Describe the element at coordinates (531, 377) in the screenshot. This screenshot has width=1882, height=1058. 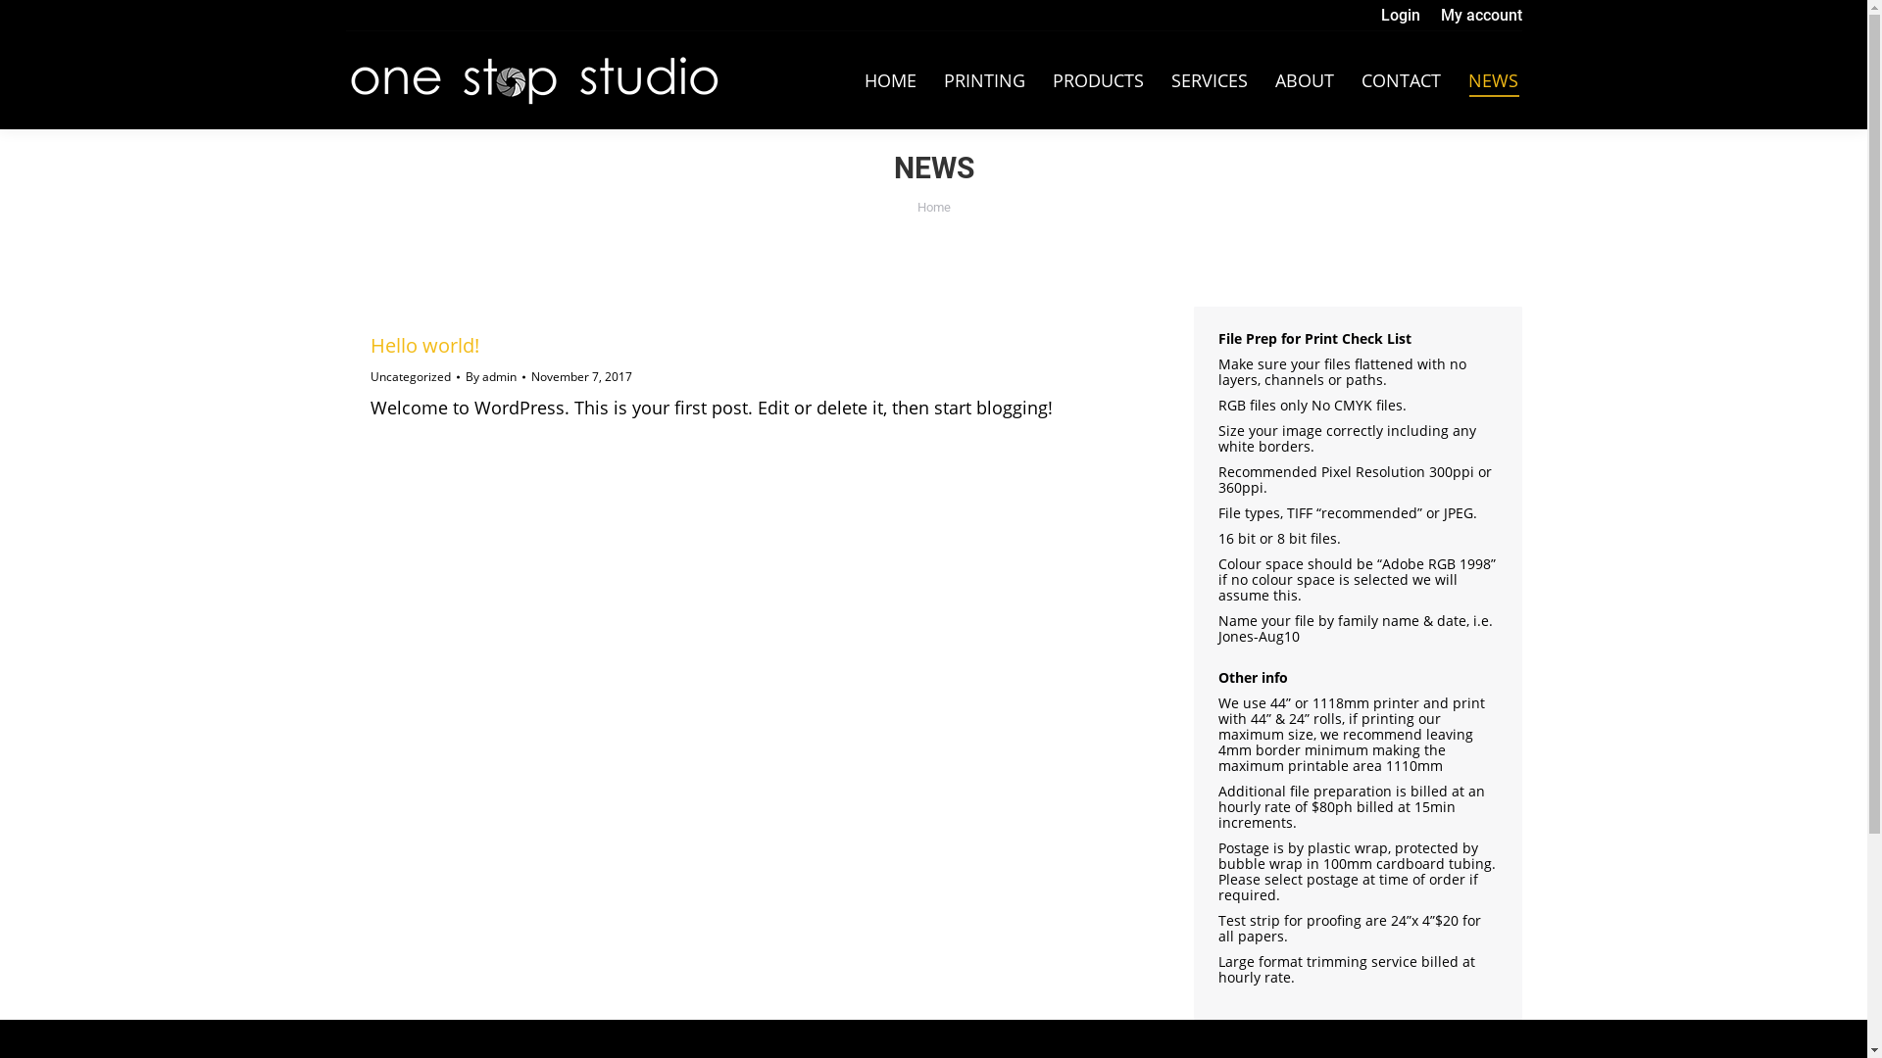
I see `'November 7, 2017'` at that location.